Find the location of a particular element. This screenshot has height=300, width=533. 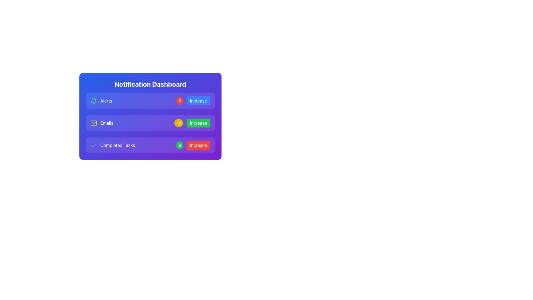

the button labeled 'Increase' with a green background and rounded corners in the 'Notification Dashboard' table to visualize its hover effects is located at coordinates (198, 123).